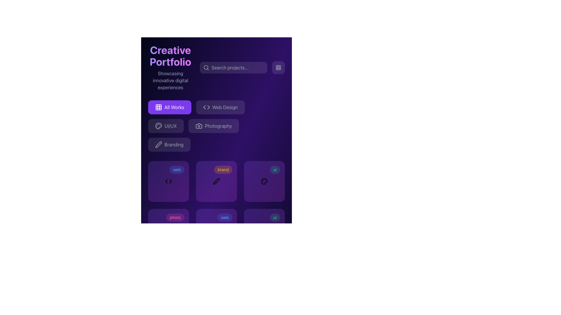  I want to click on the button labeled 'Web Design' that has a code symbol icon and a semi-transparent dark background, so click(220, 107).